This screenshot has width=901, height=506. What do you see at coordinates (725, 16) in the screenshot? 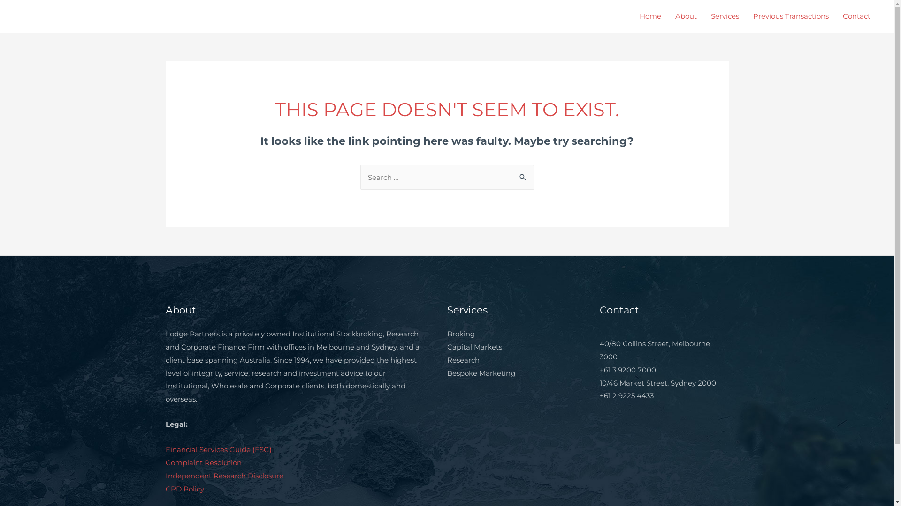
I see `'Services'` at bounding box center [725, 16].